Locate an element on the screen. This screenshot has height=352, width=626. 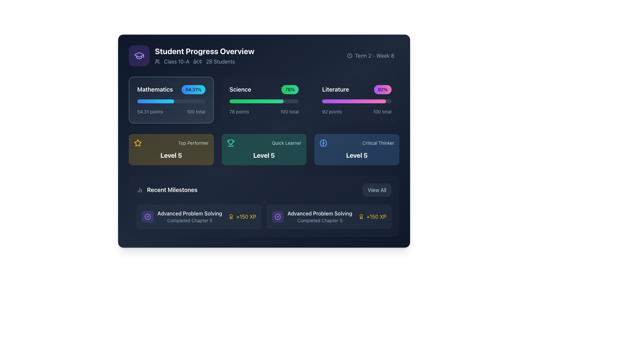
the visual state of the progress bar representing 54.31% in the Mathematics section of the Student Progress Overview interface is located at coordinates (155, 101).